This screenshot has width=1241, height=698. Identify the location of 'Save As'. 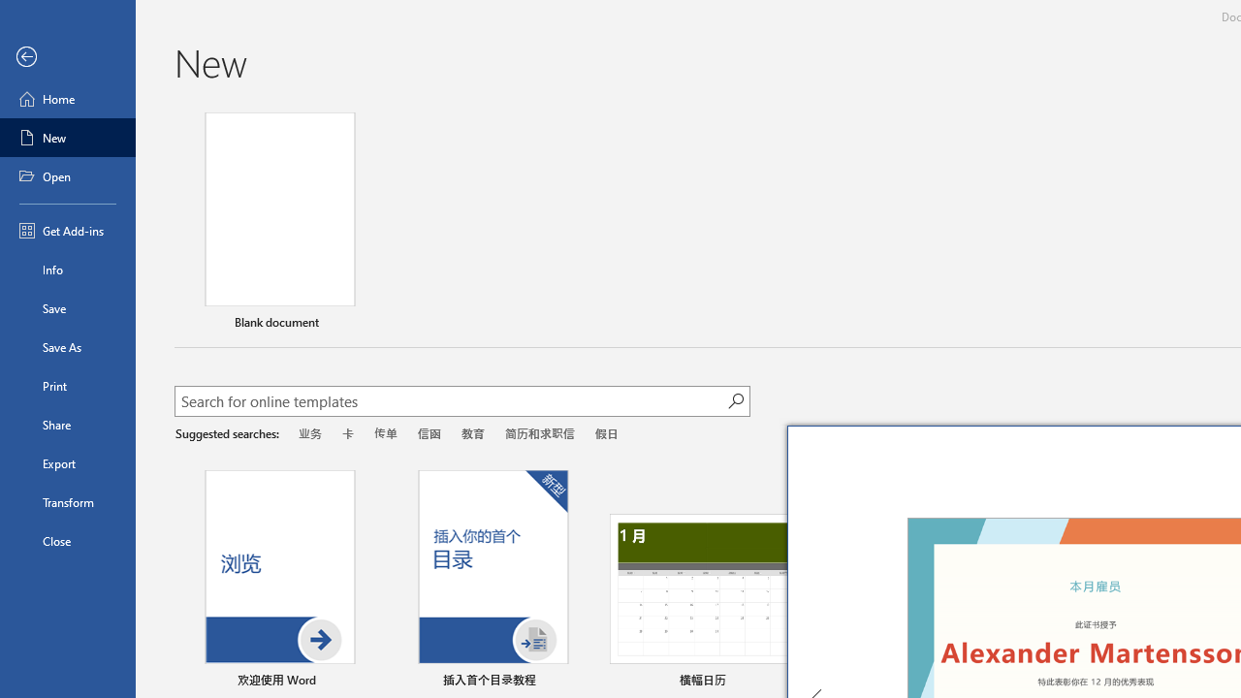
(67, 345).